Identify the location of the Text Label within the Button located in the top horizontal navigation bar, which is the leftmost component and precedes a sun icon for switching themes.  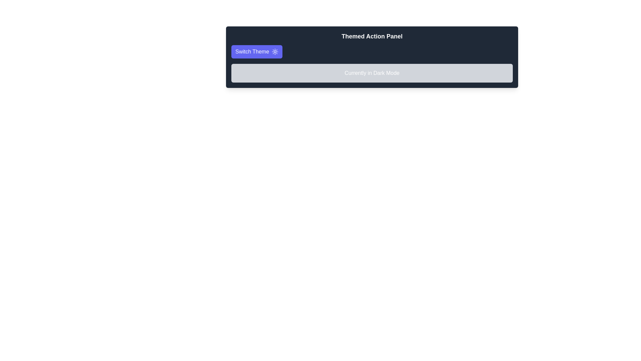
(252, 51).